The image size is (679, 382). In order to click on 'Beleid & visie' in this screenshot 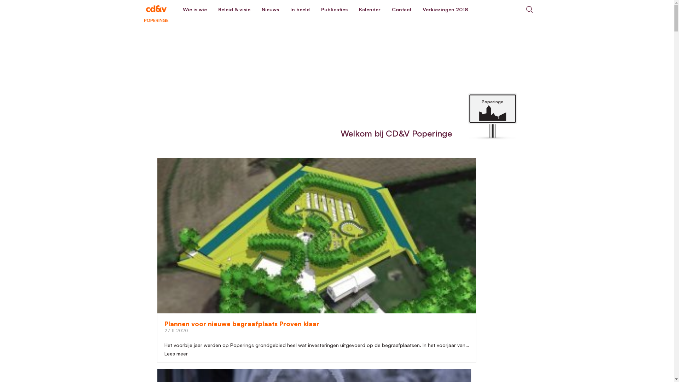, I will do `click(234, 10)`.